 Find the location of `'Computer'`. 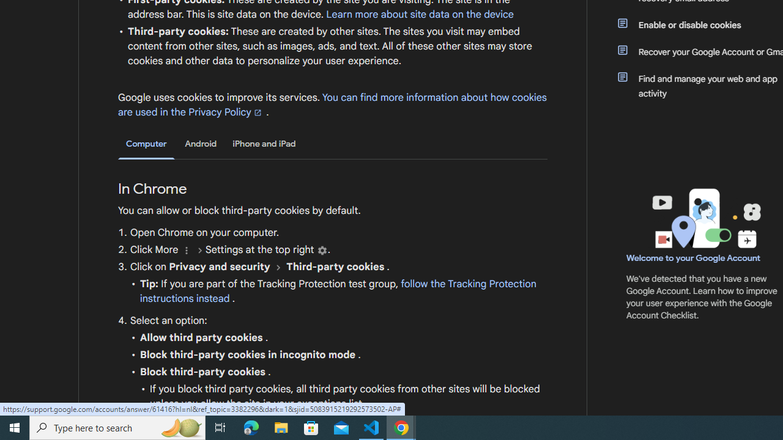

'Computer' is located at coordinates (146, 144).